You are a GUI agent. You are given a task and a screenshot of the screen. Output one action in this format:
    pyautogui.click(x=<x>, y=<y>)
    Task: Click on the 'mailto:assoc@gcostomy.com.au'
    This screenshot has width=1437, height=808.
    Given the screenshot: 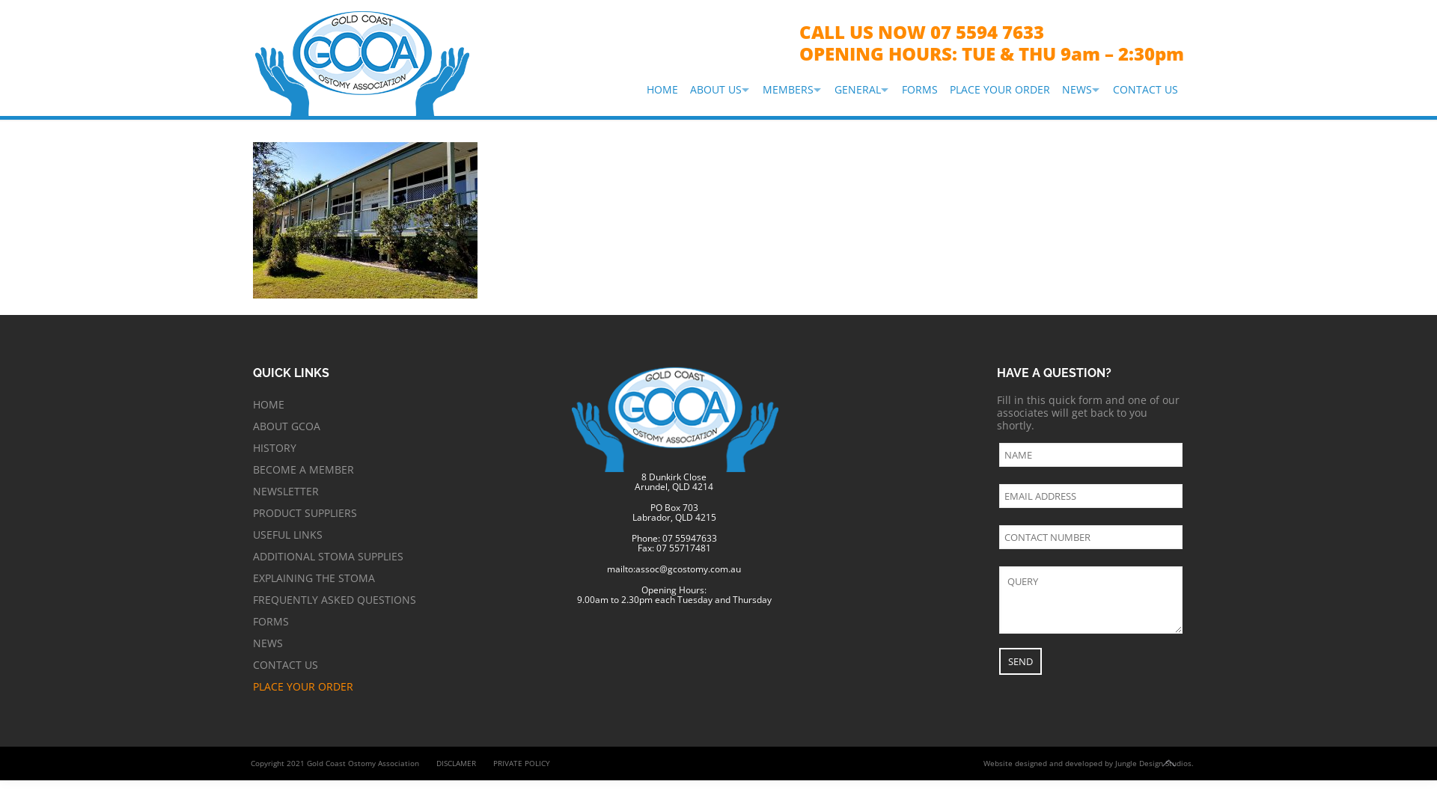 What is the action you would take?
    pyautogui.click(x=673, y=569)
    